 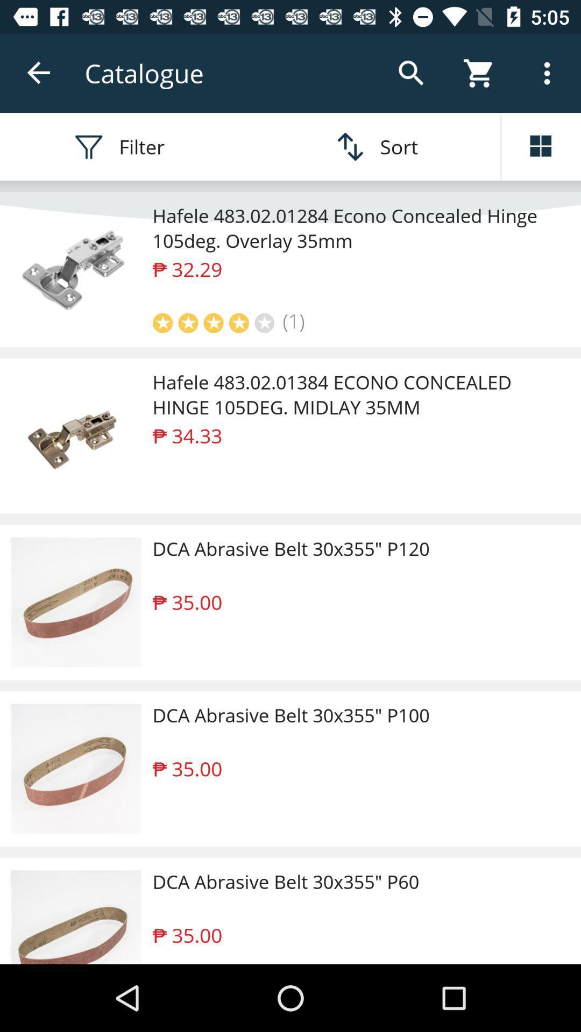 What do you see at coordinates (541, 146) in the screenshot?
I see `change view` at bounding box center [541, 146].